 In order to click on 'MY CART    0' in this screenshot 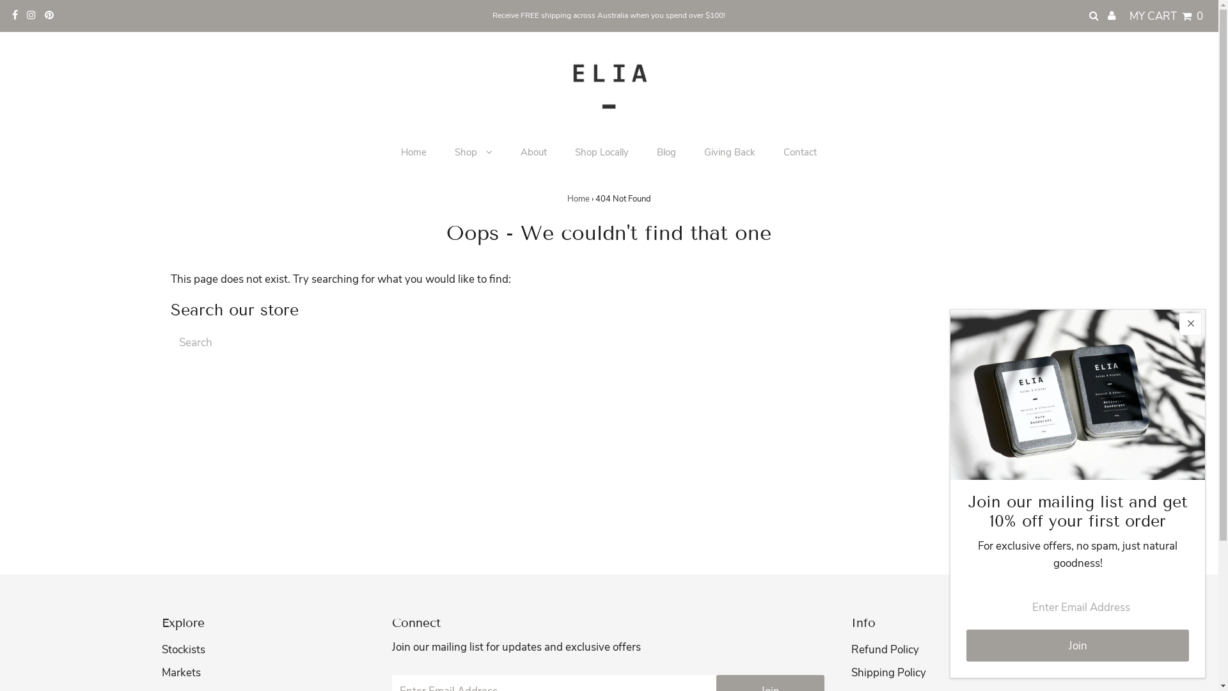, I will do `click(1126, 15)`.